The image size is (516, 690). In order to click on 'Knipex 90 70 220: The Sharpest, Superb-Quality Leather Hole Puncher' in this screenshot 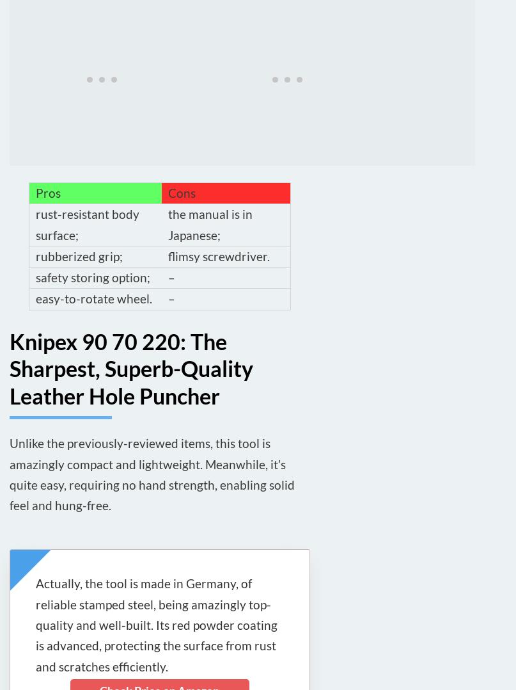, I will do `click(10, 367)`.